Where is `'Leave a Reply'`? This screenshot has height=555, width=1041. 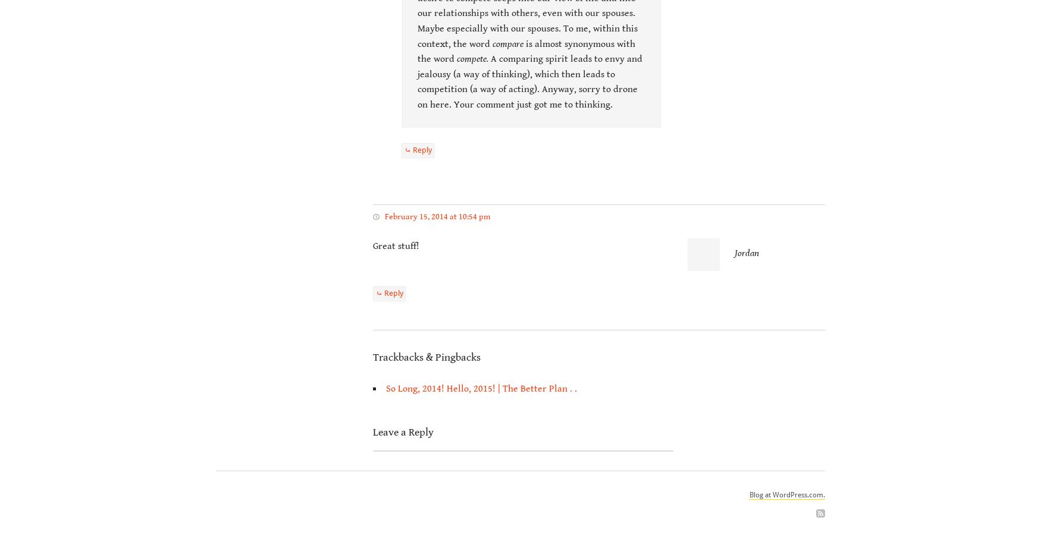 'Leave a Reply' is located at coordinates (402, 431).